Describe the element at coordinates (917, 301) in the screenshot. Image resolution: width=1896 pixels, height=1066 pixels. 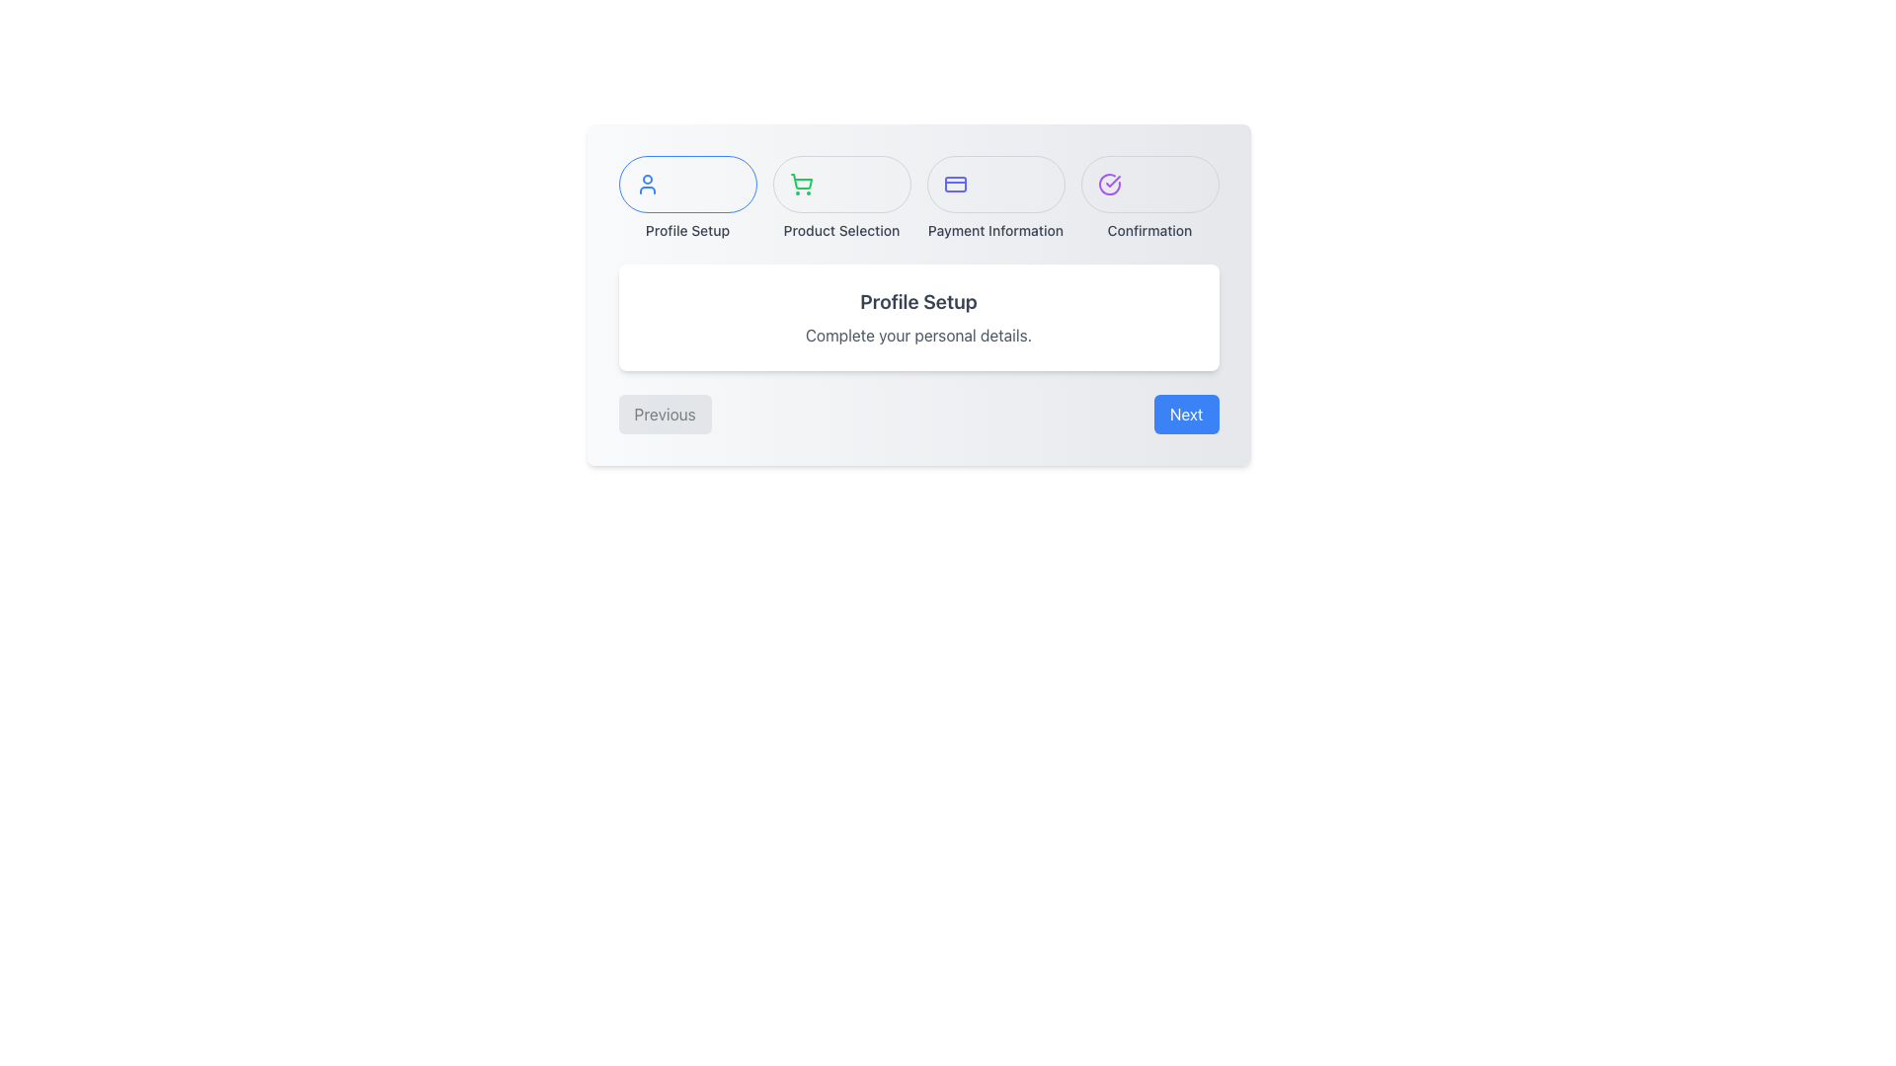
I see `text label displaying 'Profile Setup' which is located in the center of a white rounded box` at that location.